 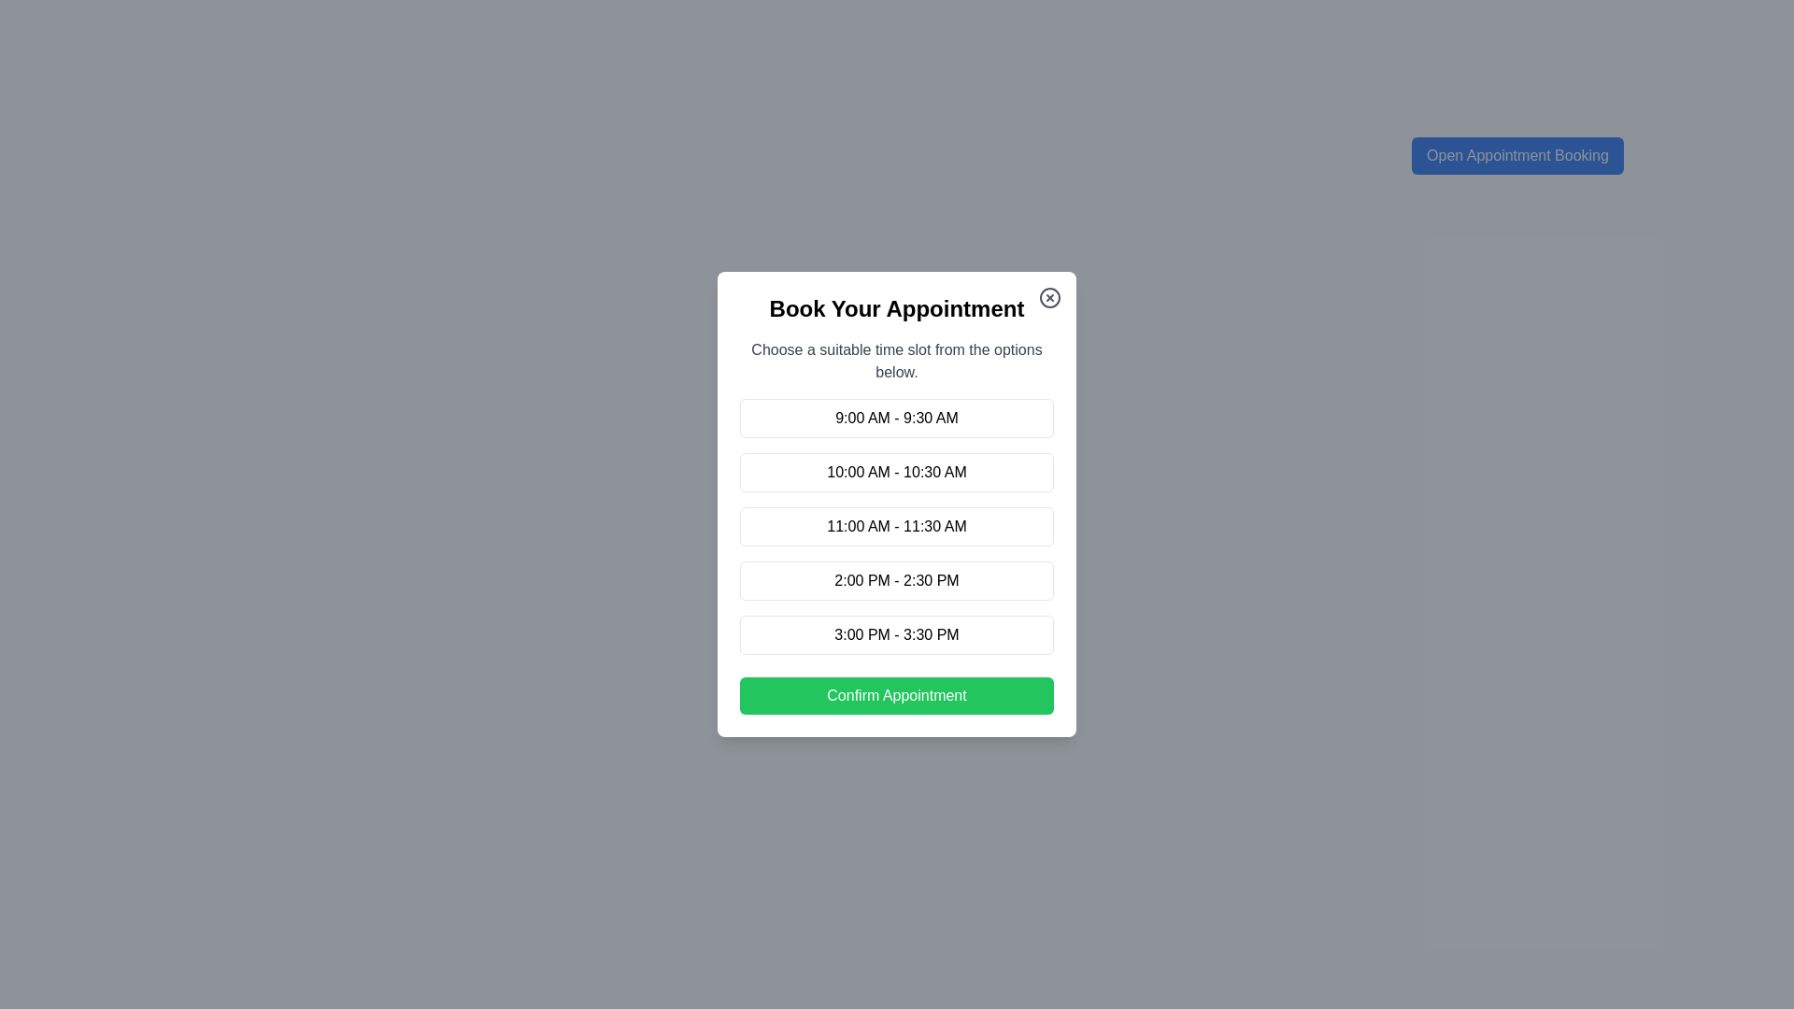 I want to click on the button-like selectable option displaying '11:00 AM - 11:30 AM', which is the third element in a vertical list of time slots, so click(x=897, y=526).